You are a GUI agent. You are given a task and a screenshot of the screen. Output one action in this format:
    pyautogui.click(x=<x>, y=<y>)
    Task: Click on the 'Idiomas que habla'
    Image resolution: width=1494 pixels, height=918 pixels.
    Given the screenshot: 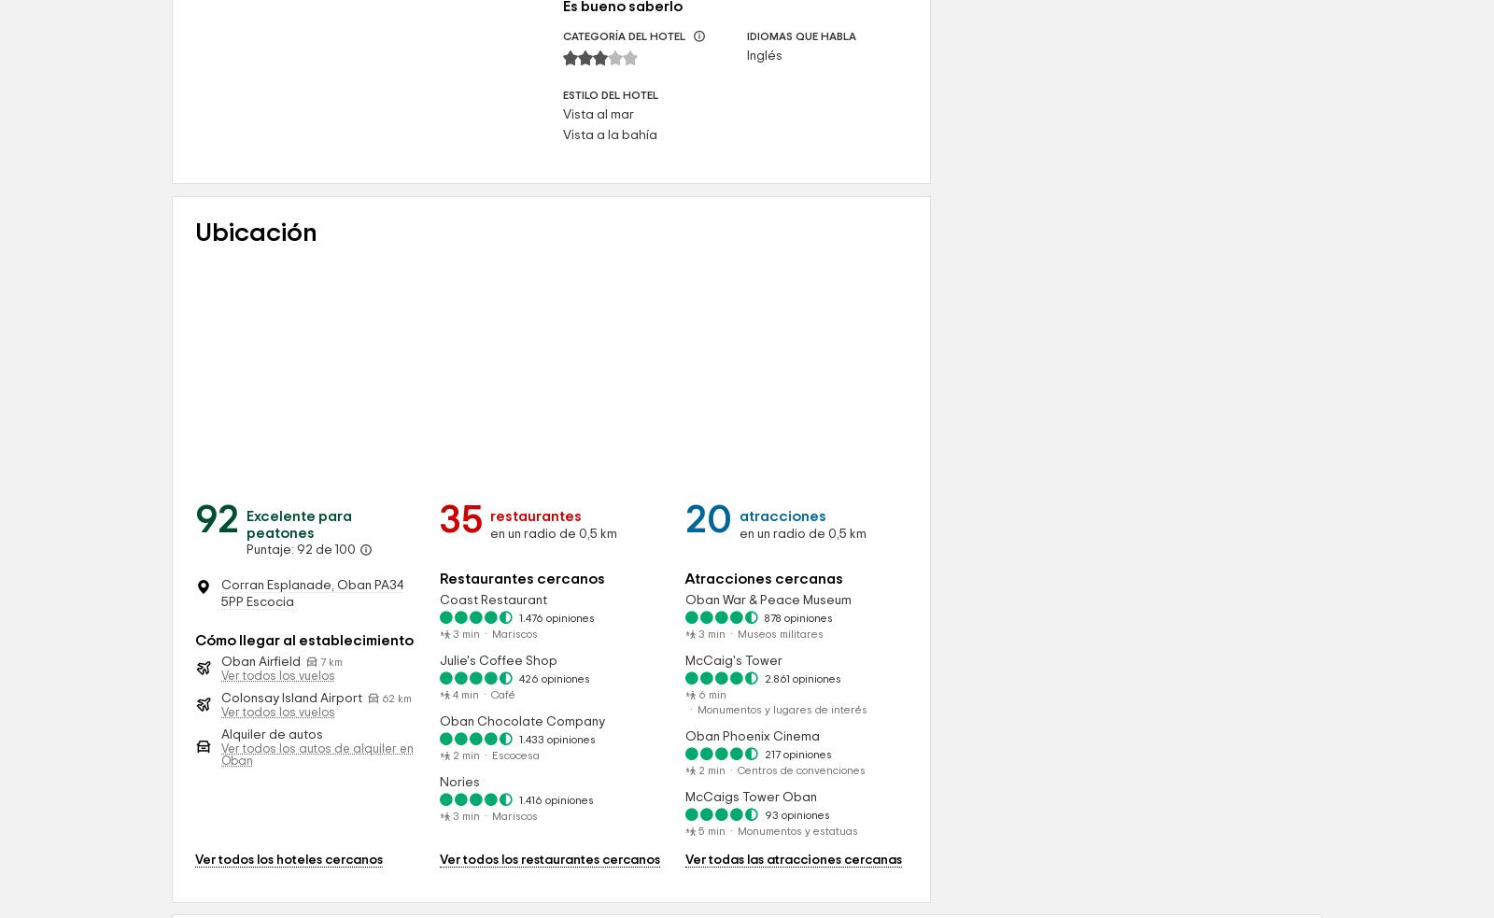 What is the action you would take?
    pyautogui.click(x=799, y=196)
    